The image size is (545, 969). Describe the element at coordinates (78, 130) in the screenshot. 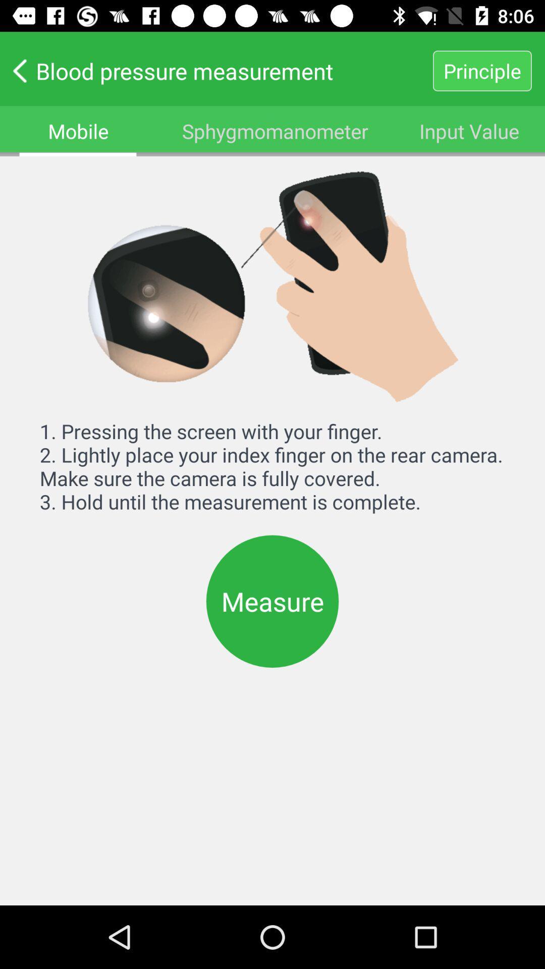

I see `the item to the left of sphygmomanometer` at that location.